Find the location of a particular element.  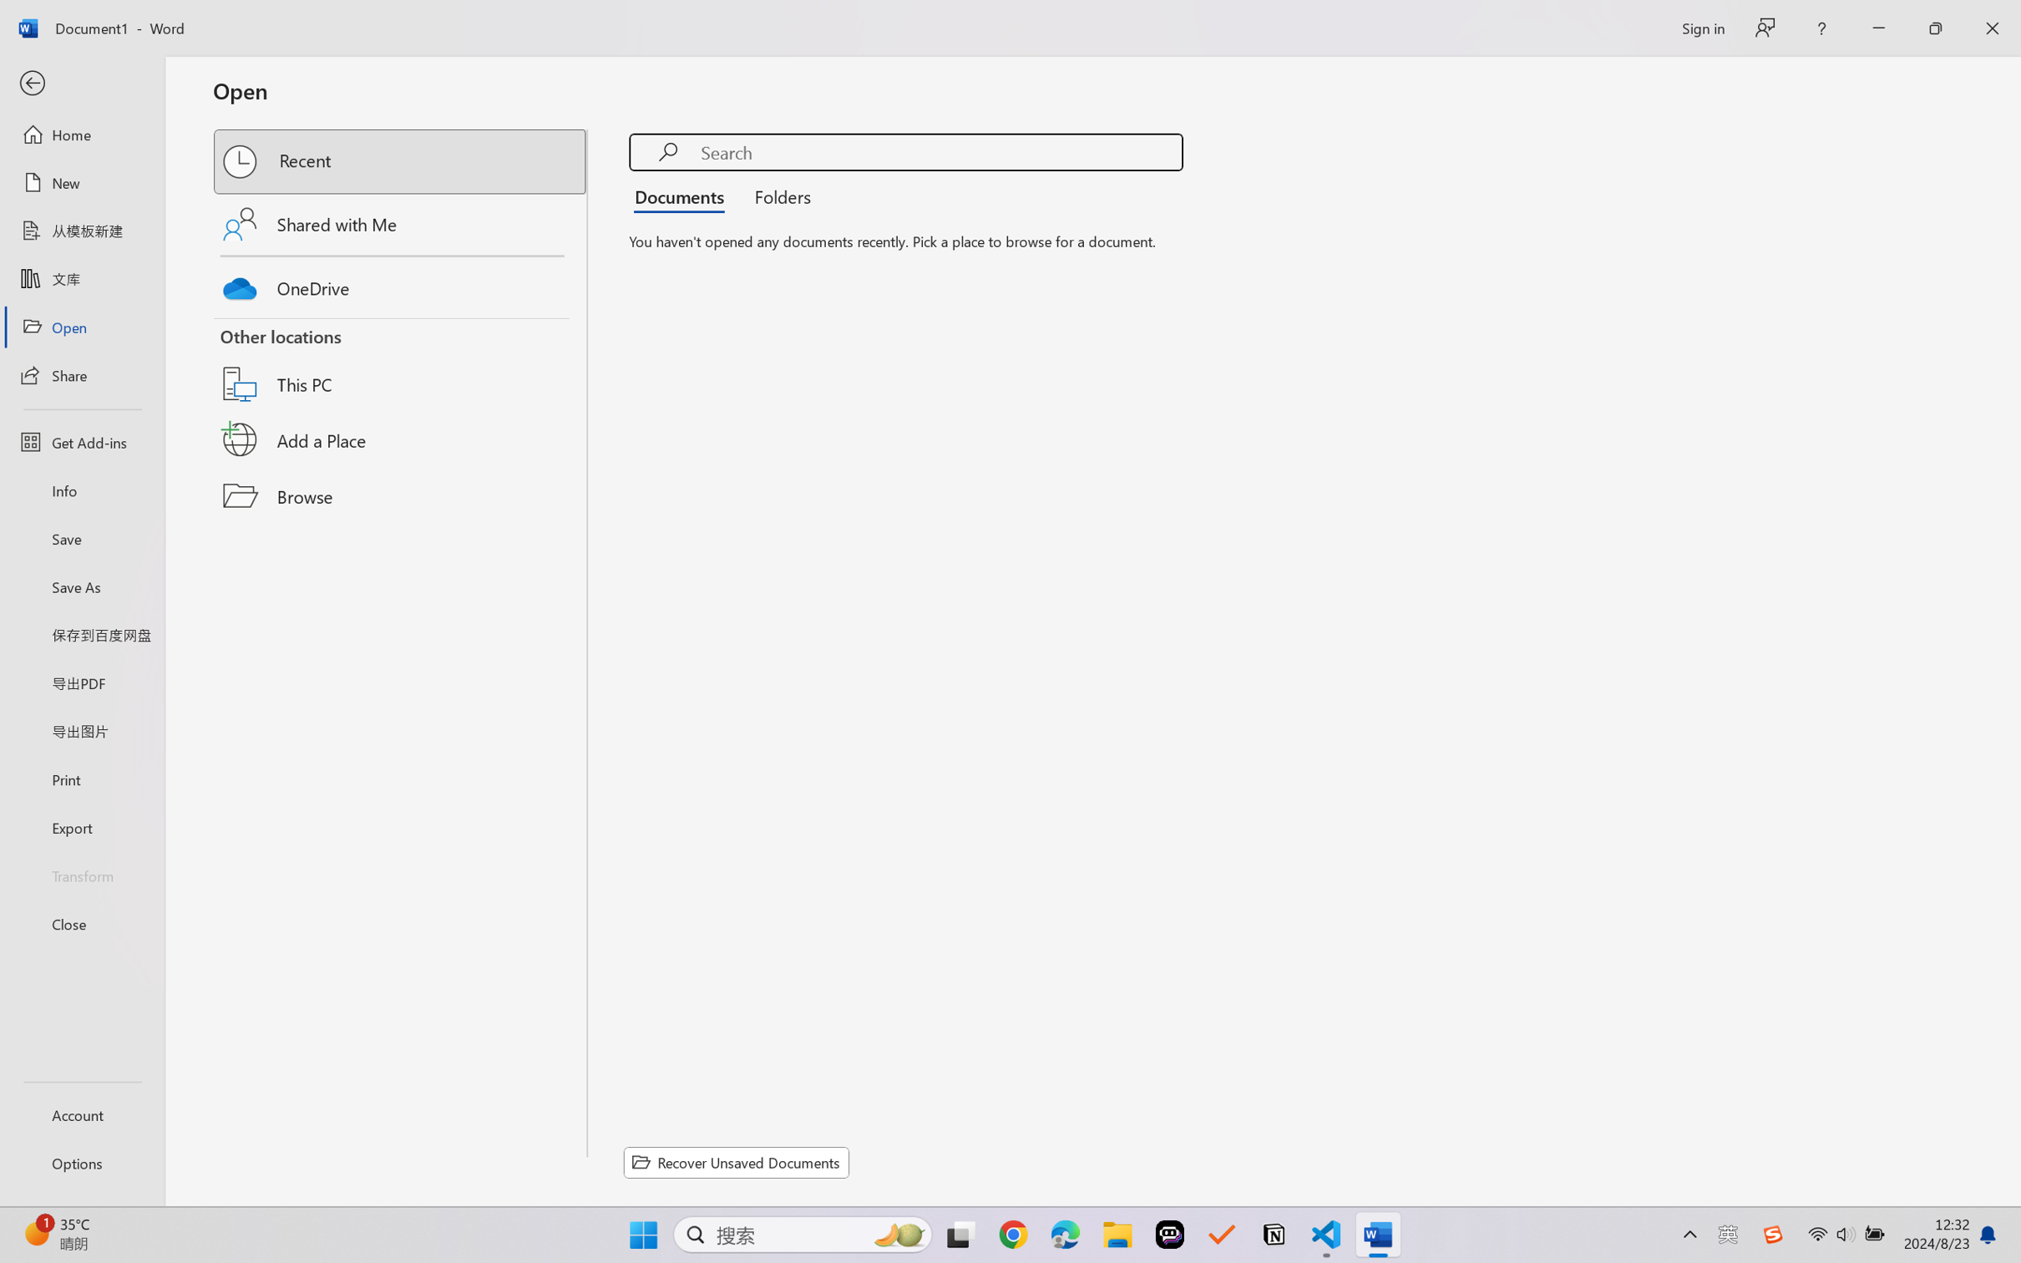

'Back' is located at coordinates (81, 84).